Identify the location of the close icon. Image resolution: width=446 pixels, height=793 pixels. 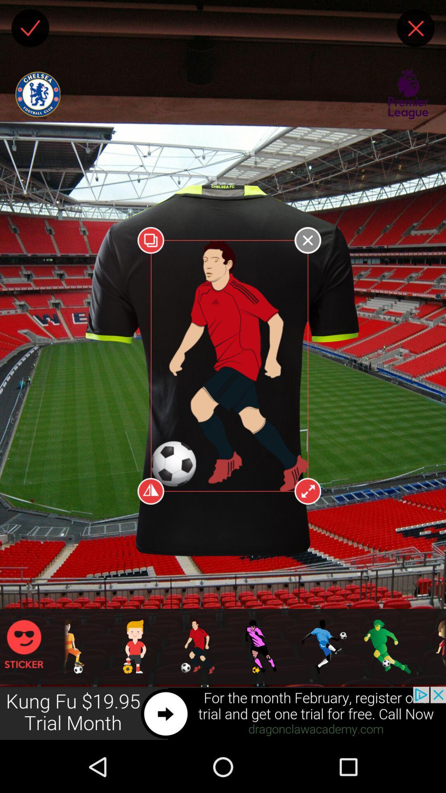
(415, 30).